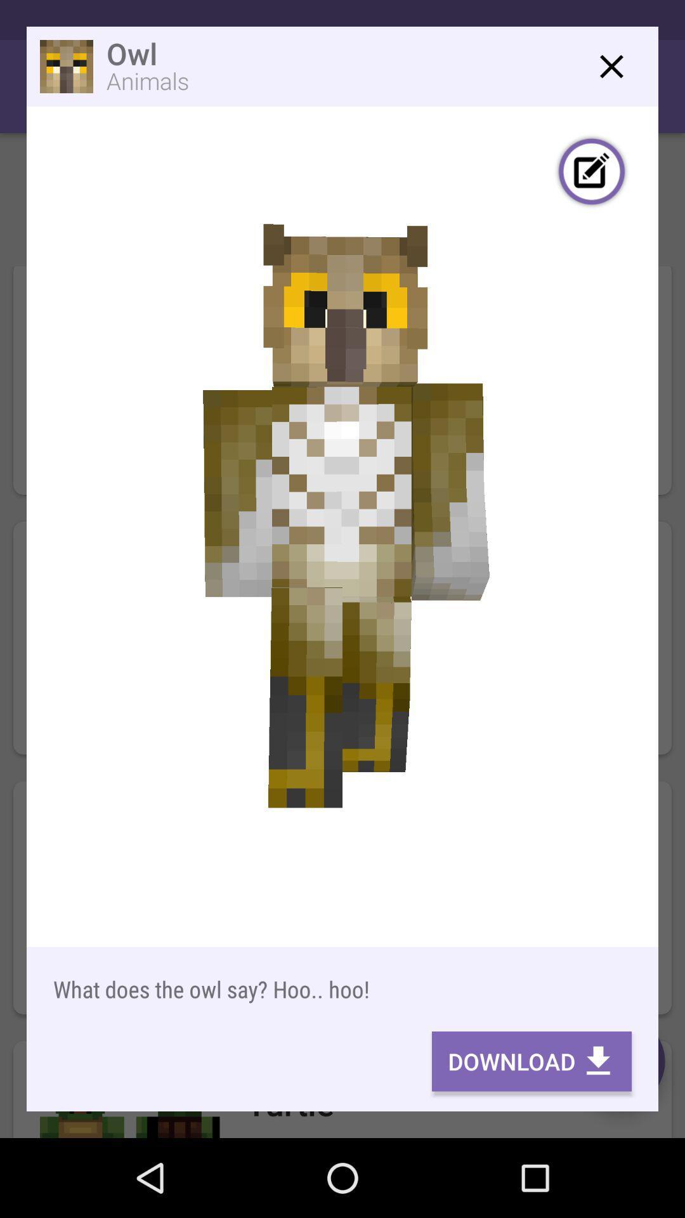 The width and height of the screenshot is (685, 1218). Describe the element at coordinates (611, 66) in the screenshot. I see `window` at that location.